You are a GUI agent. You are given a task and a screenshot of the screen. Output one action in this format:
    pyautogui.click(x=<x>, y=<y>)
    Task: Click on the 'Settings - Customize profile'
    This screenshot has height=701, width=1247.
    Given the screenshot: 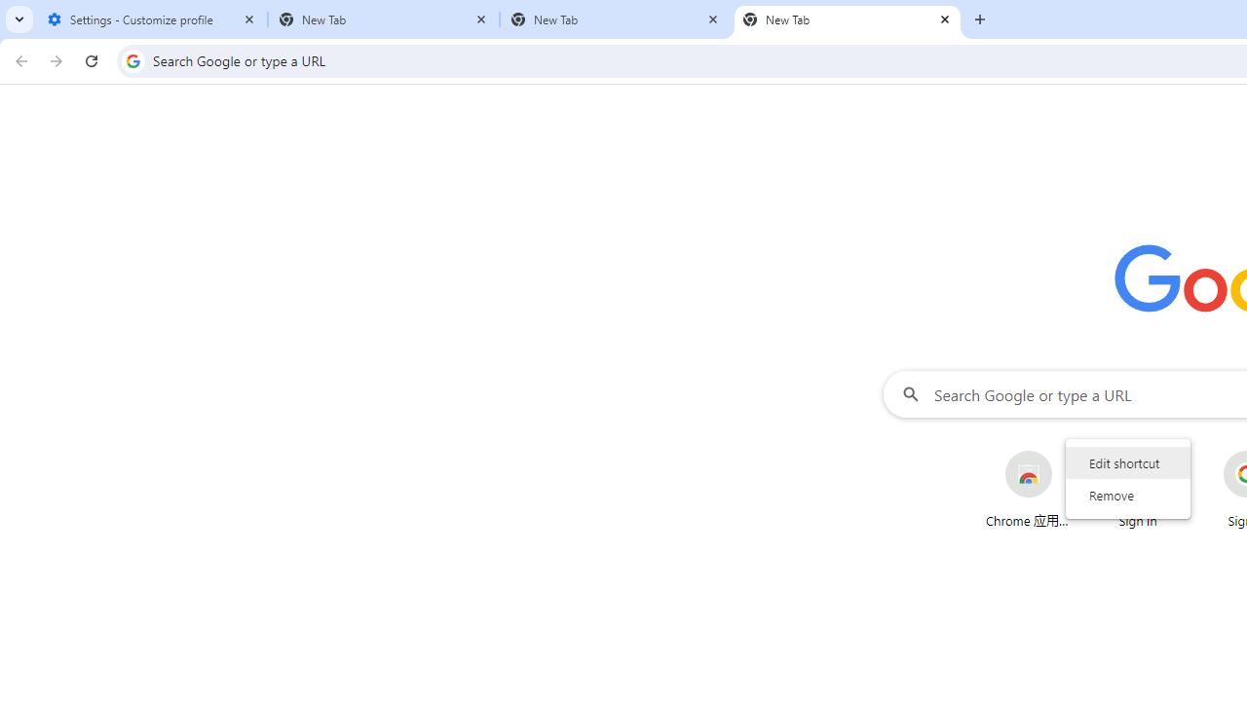 What is the action you would take?
    pyautogui.click(x=151, y=19)
    